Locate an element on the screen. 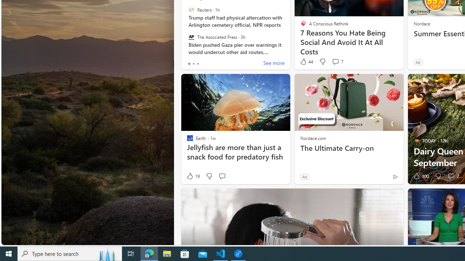 The height and width of the screenshot is (261, 465). '100 Like' is located at coordinates (420, 176).